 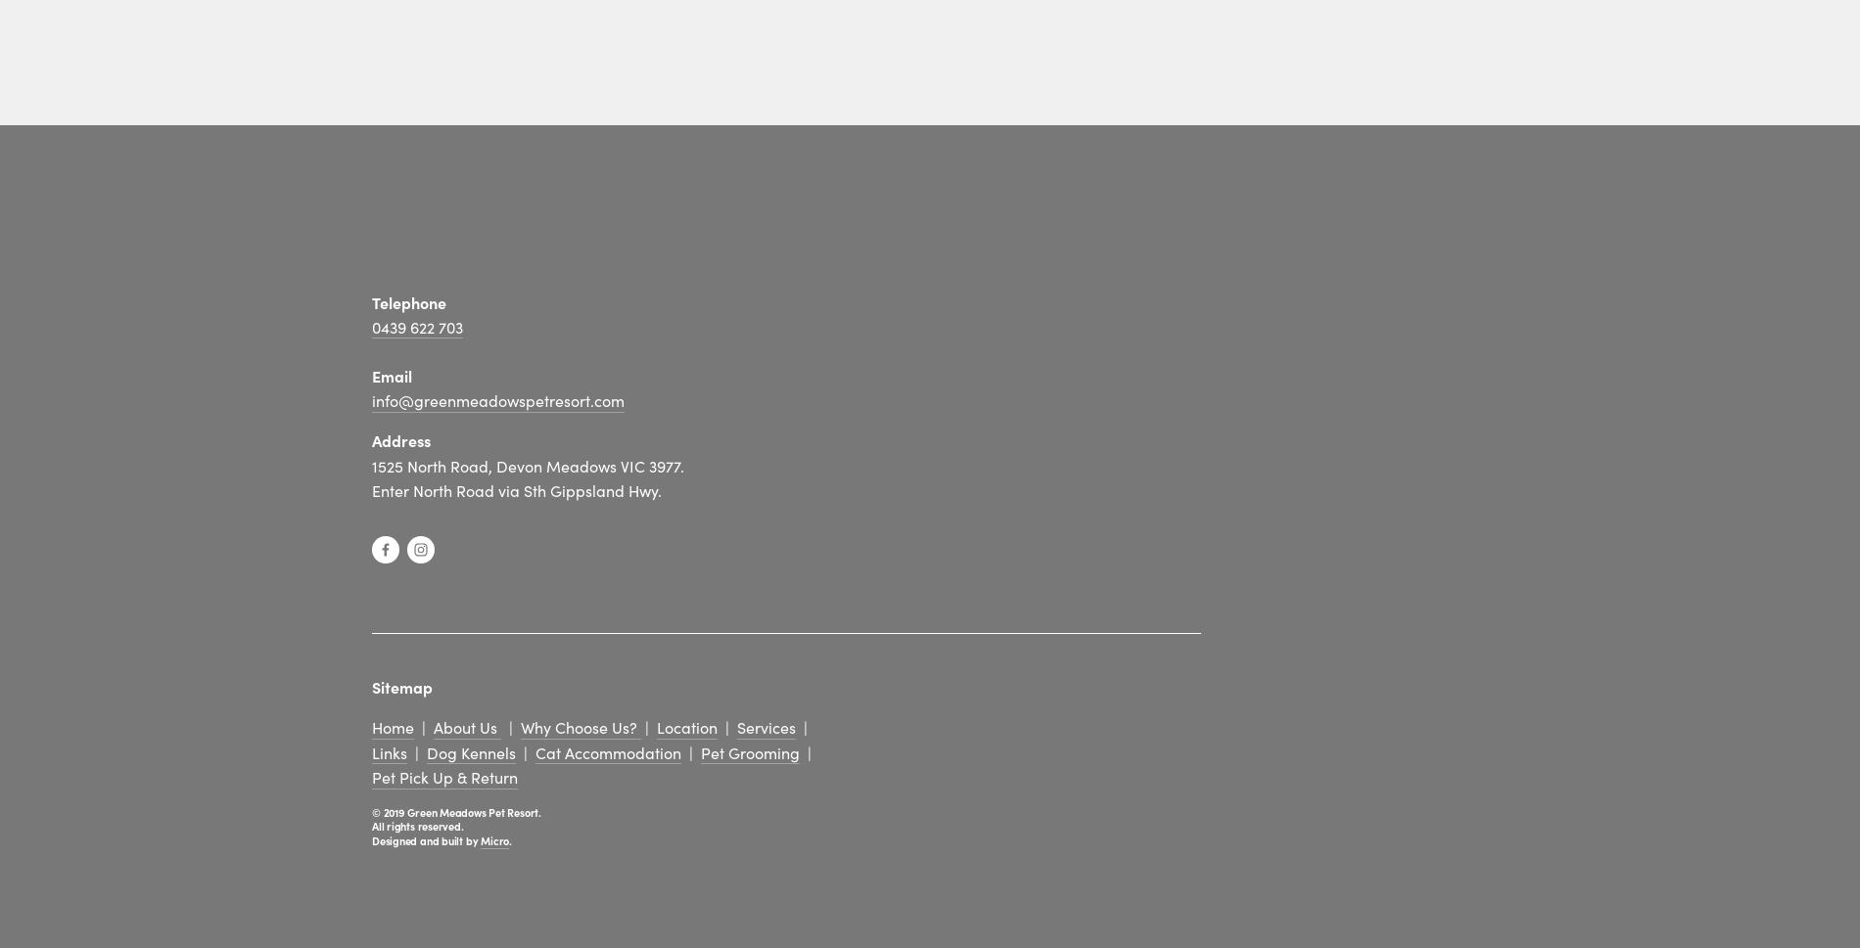 I want to click on 'Enter North Road via Sth Gippsland Hwy.', so click(x=517, y=488).